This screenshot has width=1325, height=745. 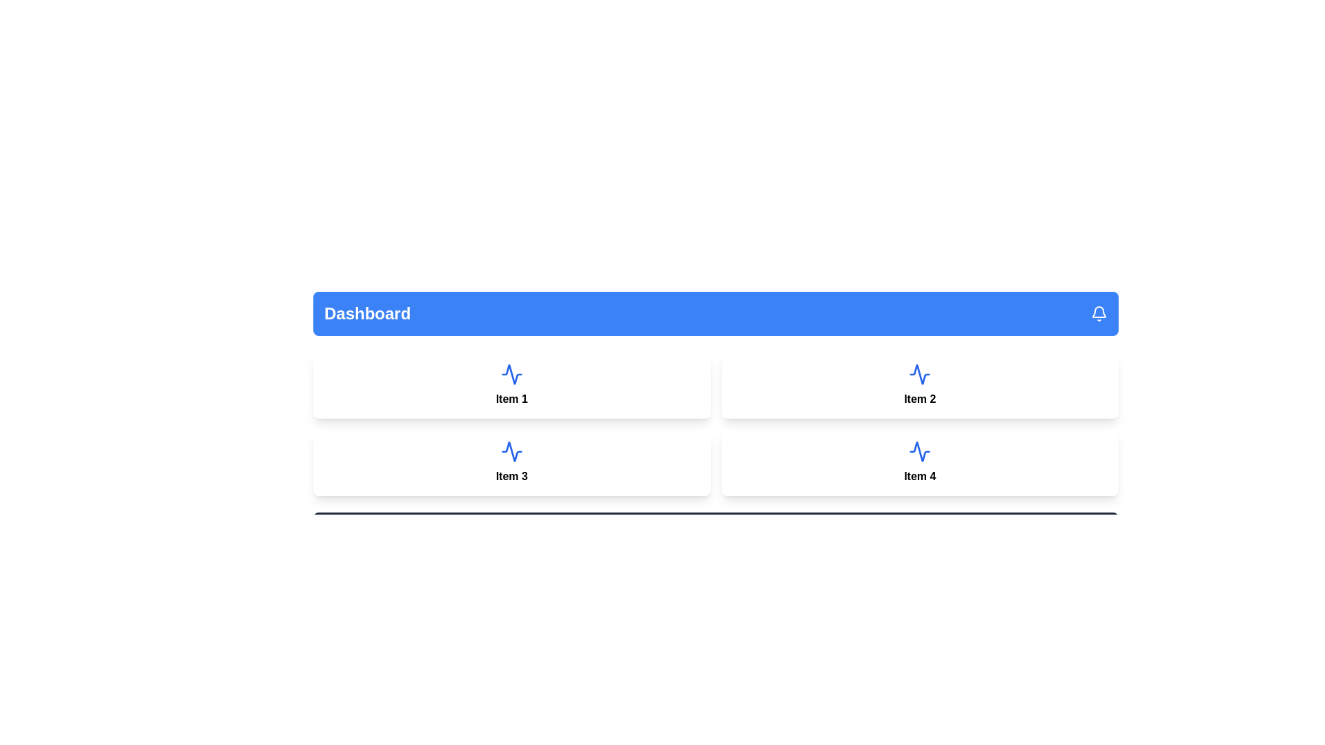 What do you see at coordinates (511, 399) in the screenshot?
I see `the text label located at the bottom portion of the rectangular card component, which serves as a descriptive identifier or title for the card` at bounding box center [511, 399].